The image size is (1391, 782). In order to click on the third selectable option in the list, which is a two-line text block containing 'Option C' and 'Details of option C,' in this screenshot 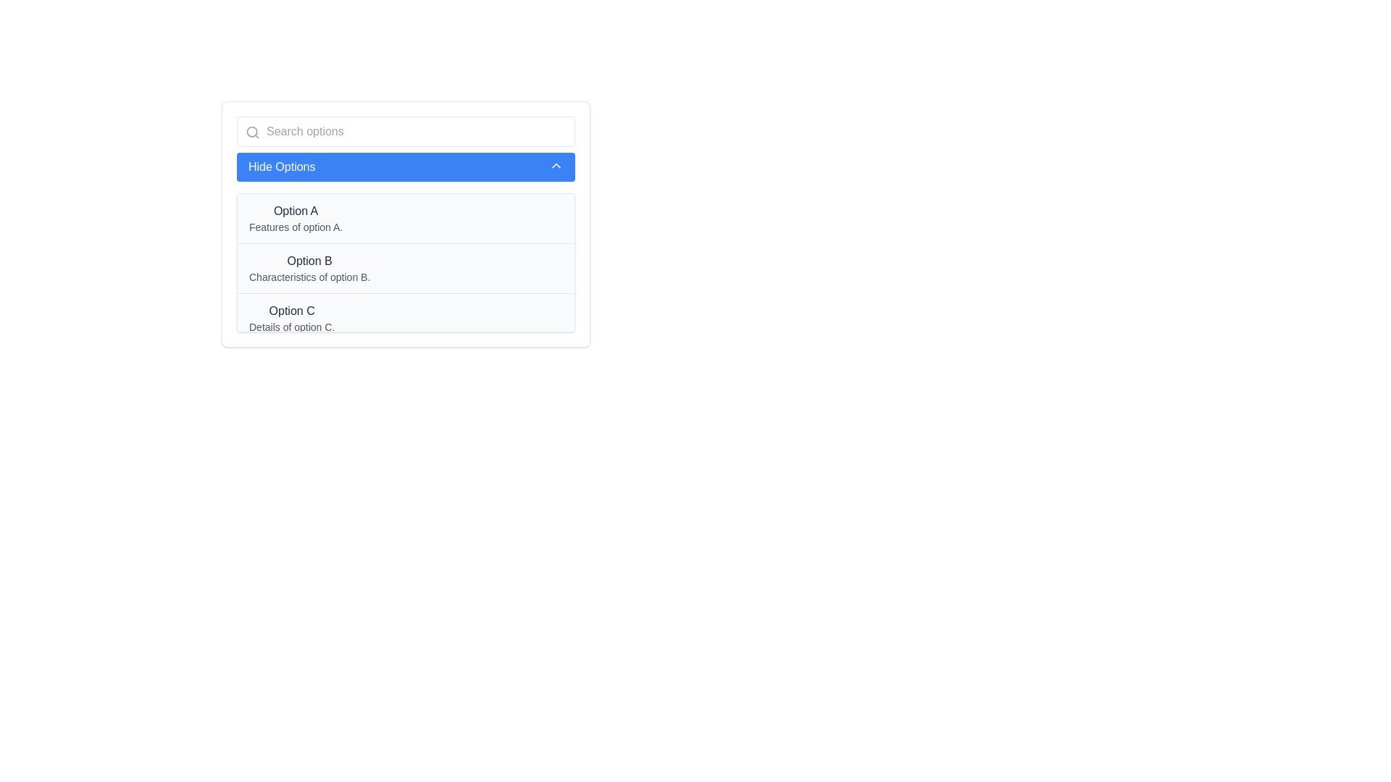, I will do `click(291, 317)`.